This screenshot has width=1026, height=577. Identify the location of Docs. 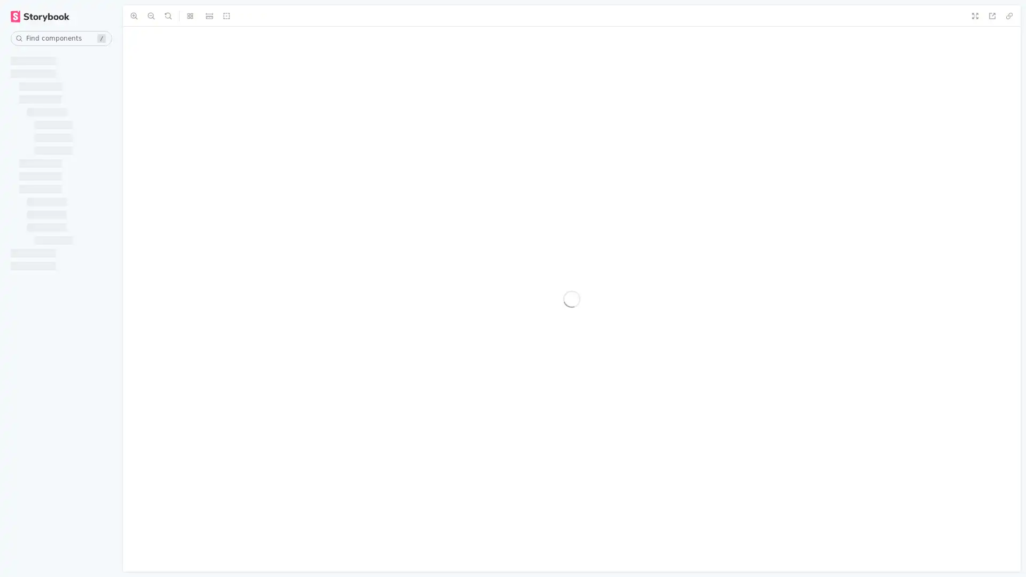
(179, 16).